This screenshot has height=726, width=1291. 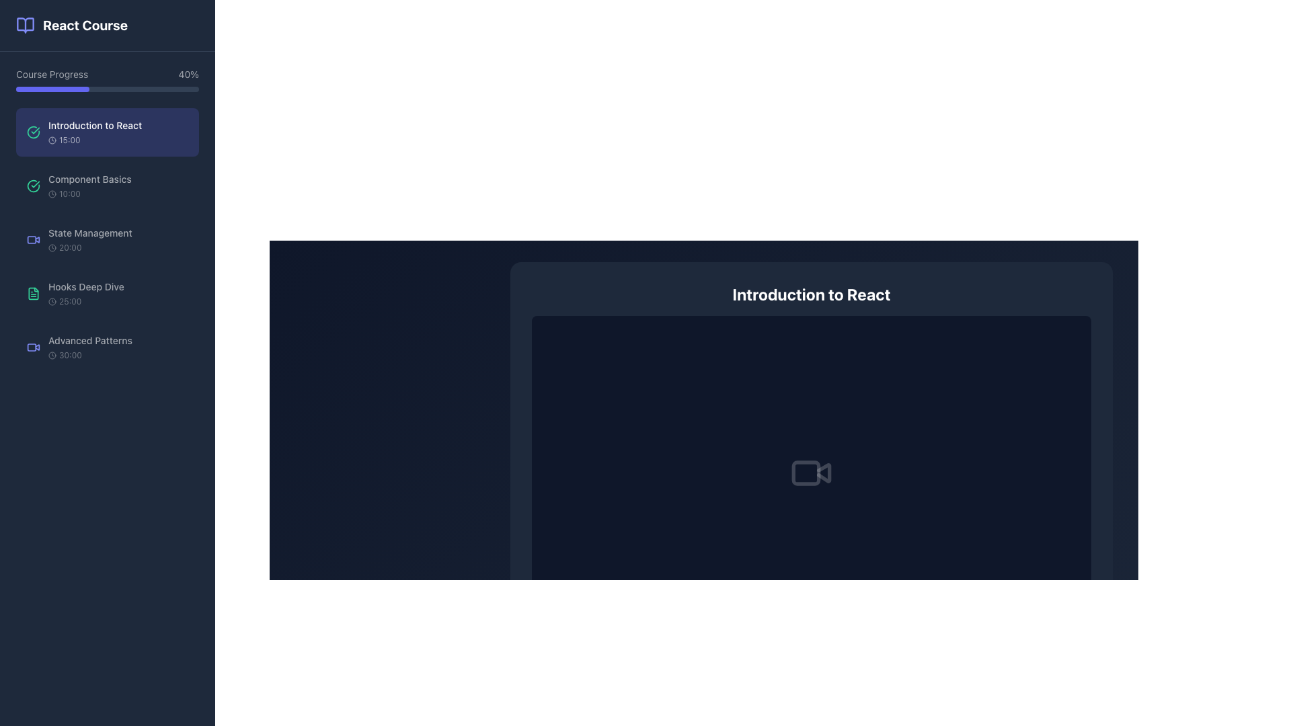 I want to click on the time indicator element labeled '15:00' in the left-side course navigation panel of the 'Introduction to React' section, so click(x=118, y=140).